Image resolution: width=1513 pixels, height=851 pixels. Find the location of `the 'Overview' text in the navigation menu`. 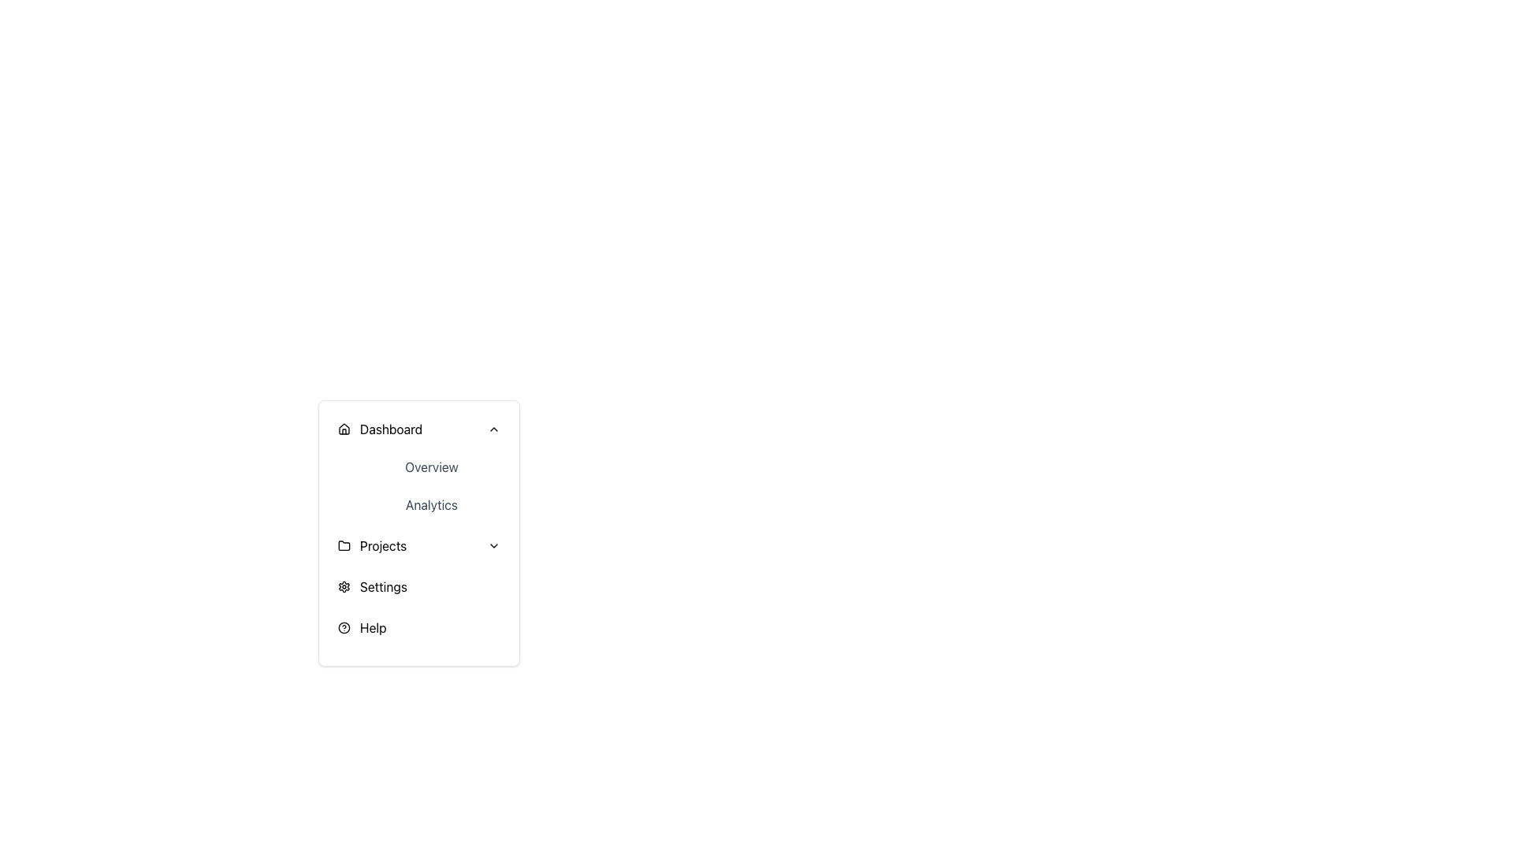

the 'Overview' text in the navigation menu is located at coordinates (419, 466).